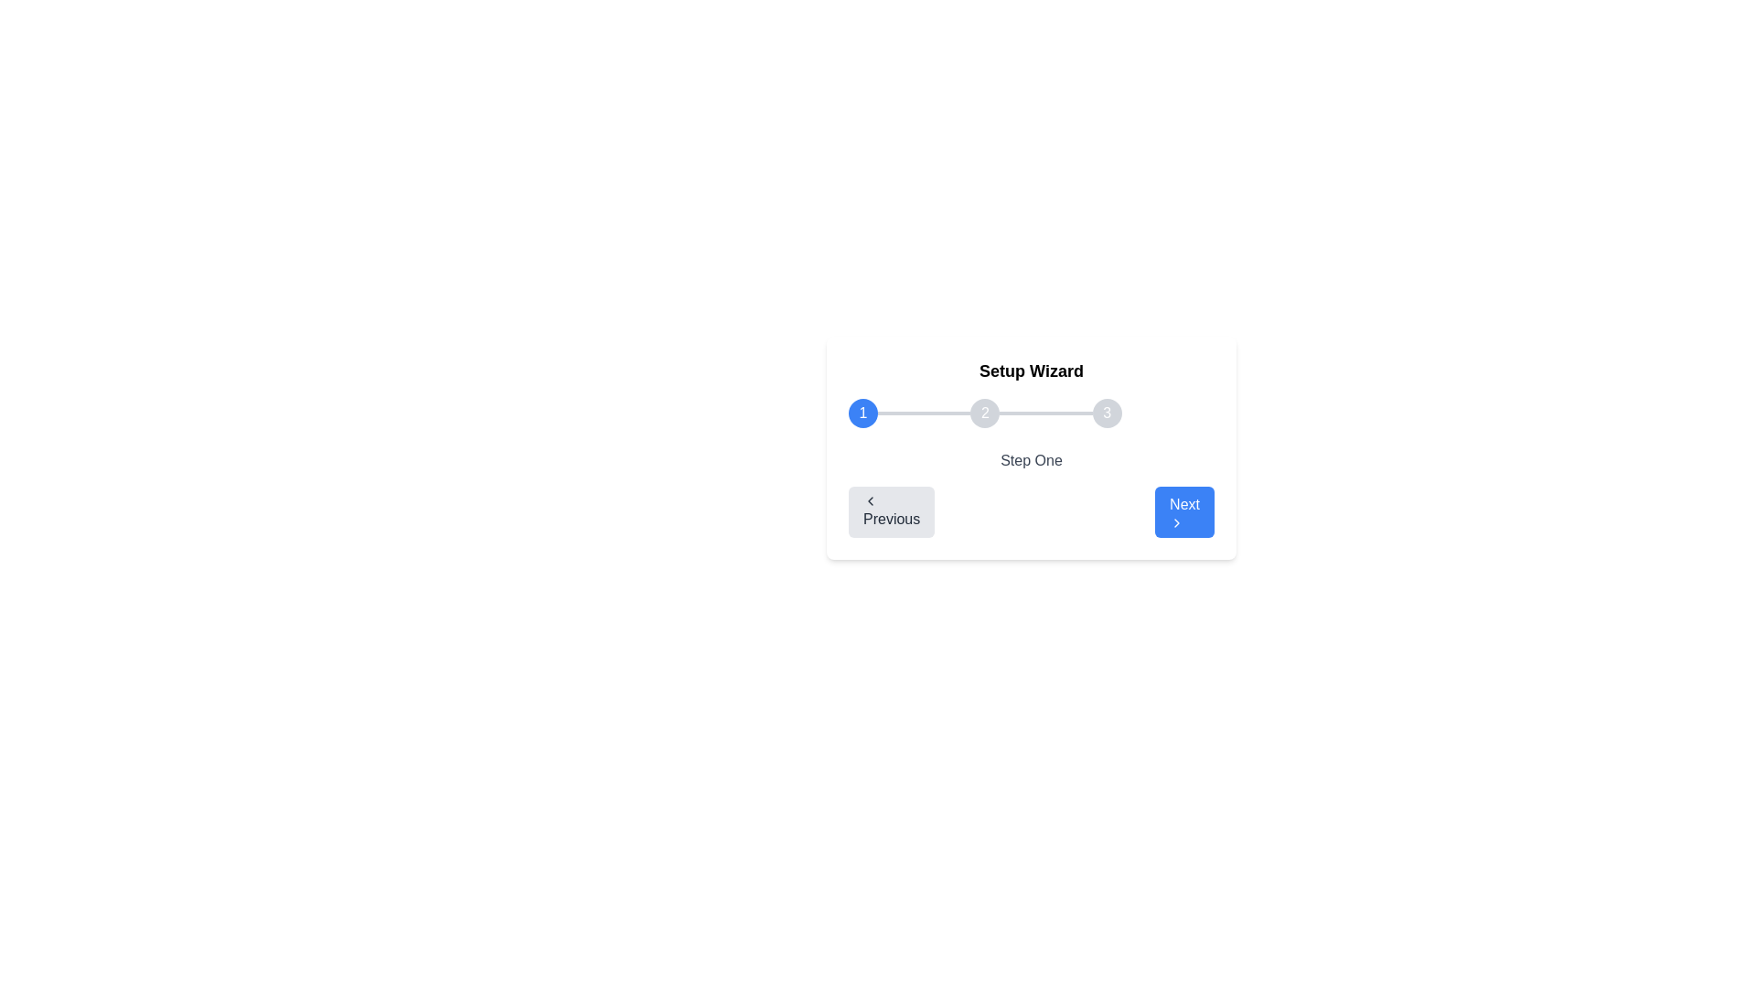  What do you see at coordinates (862, 413) in the screenshot?
I see `the first step indicator in the multi-step wizard interface, which visually represents the current or completed step` at bounding box center [862, 413].